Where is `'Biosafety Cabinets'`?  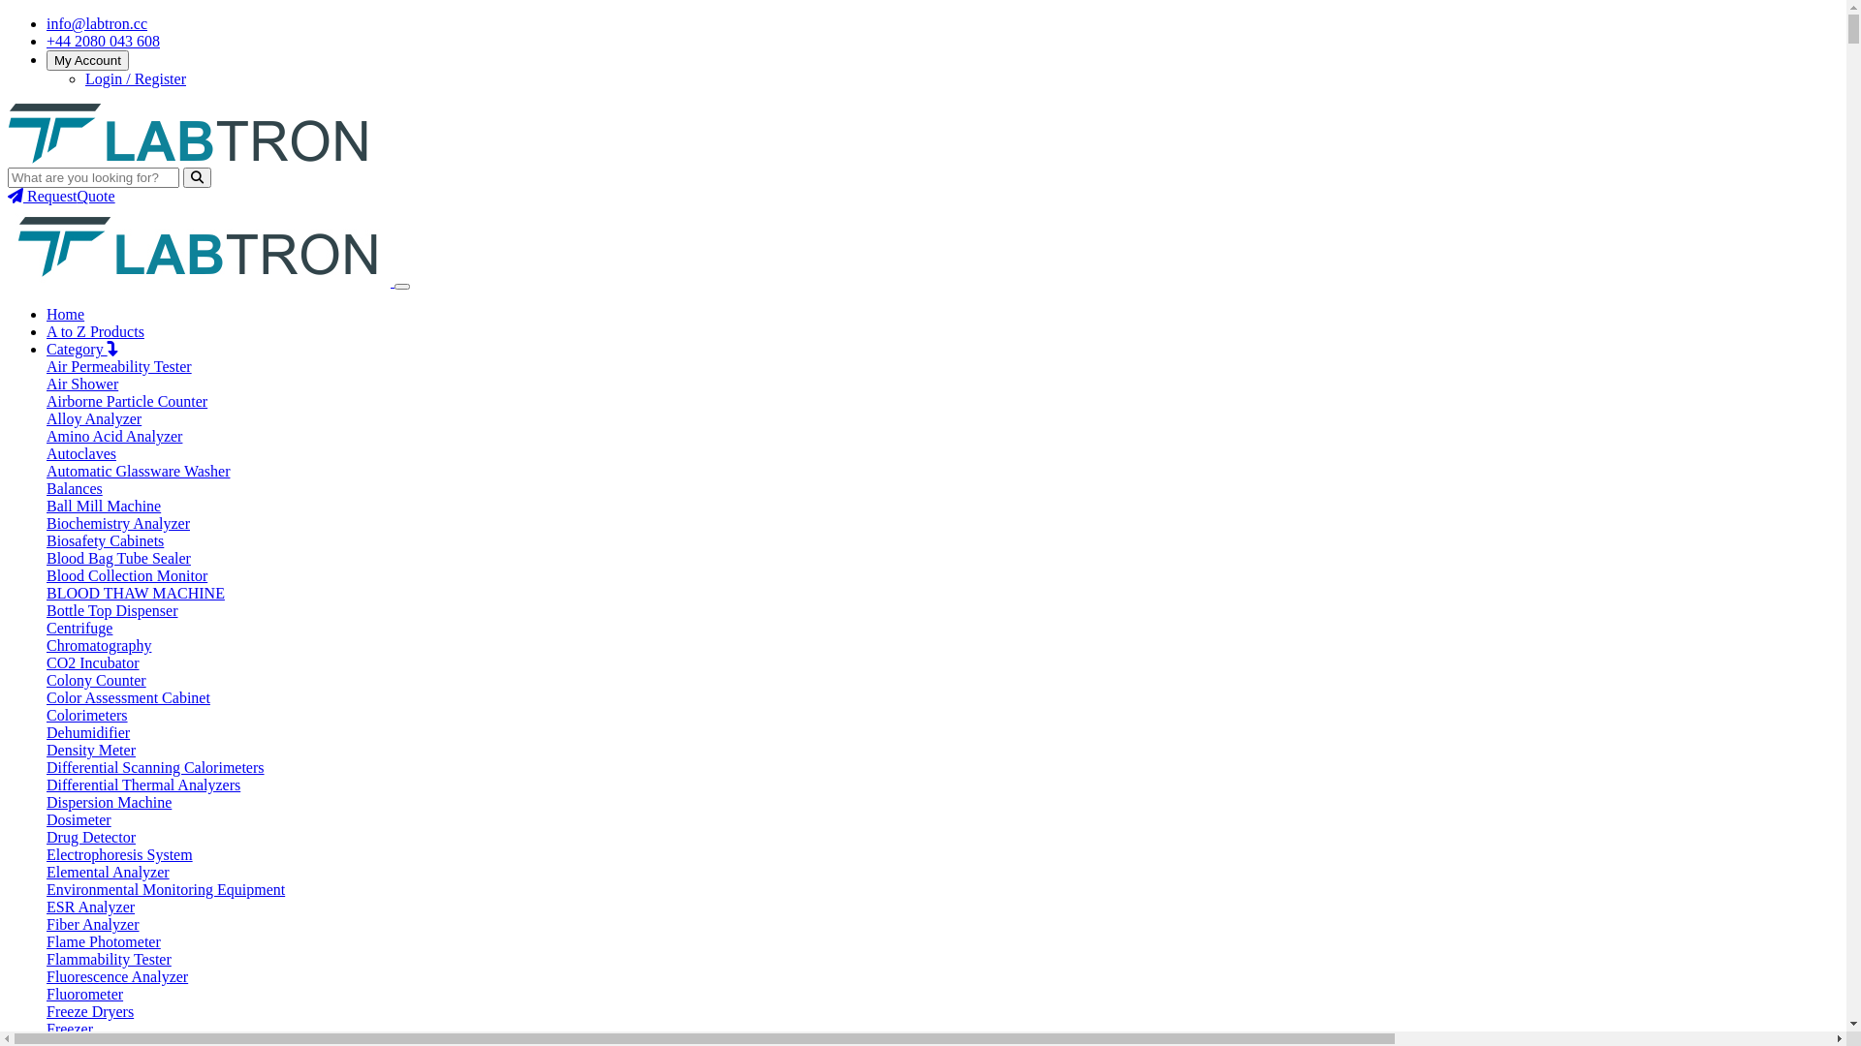
'Biosafety Cabinets' is located at coordinates (104, 540).